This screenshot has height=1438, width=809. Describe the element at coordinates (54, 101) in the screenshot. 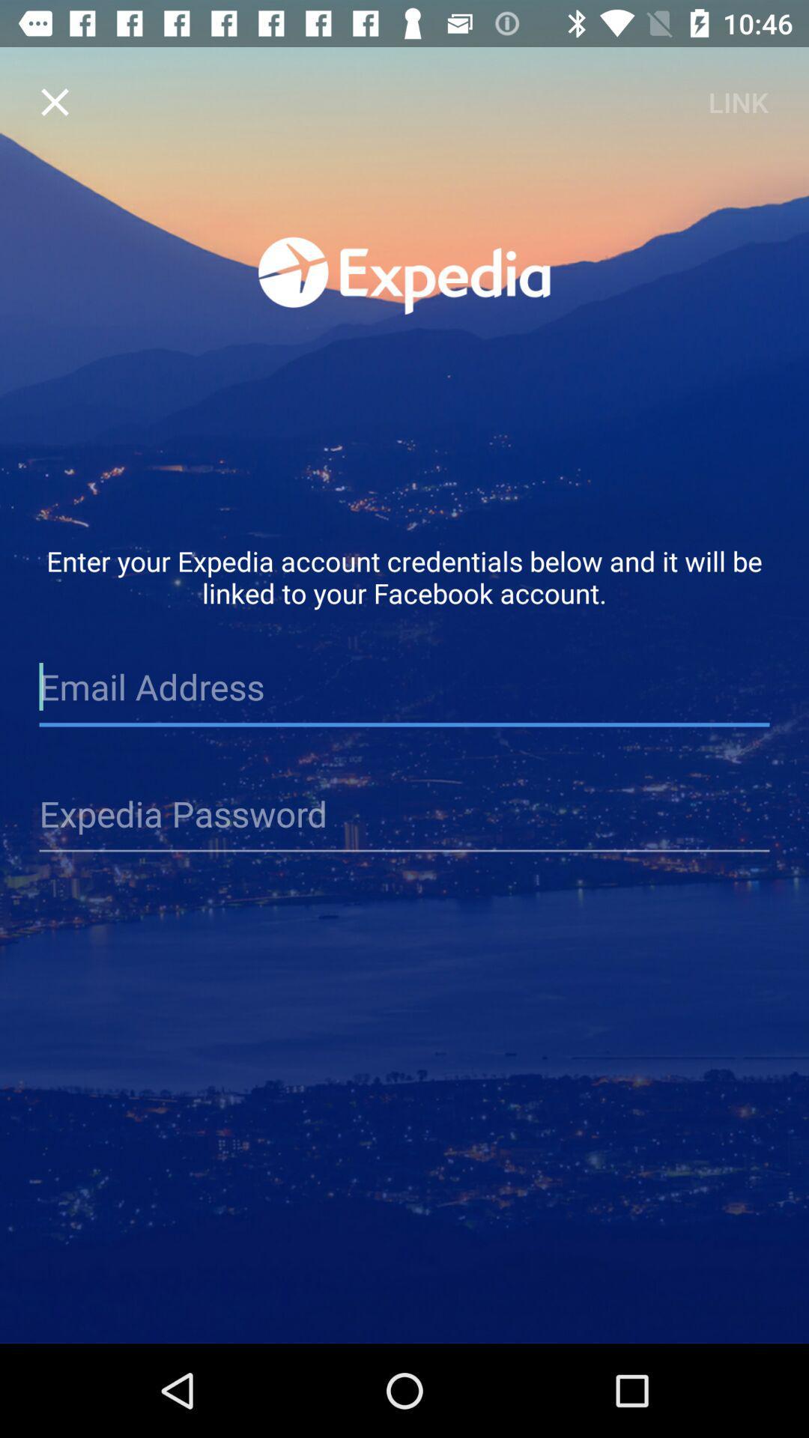

I see `icon at the top left corner` at that location.